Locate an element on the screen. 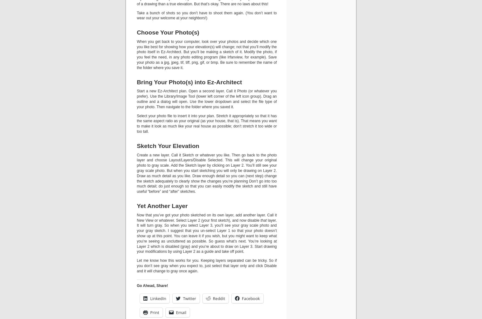 The height and width of the screenshot is (319, 482). 'Email' is located at coordinates (181, 312).